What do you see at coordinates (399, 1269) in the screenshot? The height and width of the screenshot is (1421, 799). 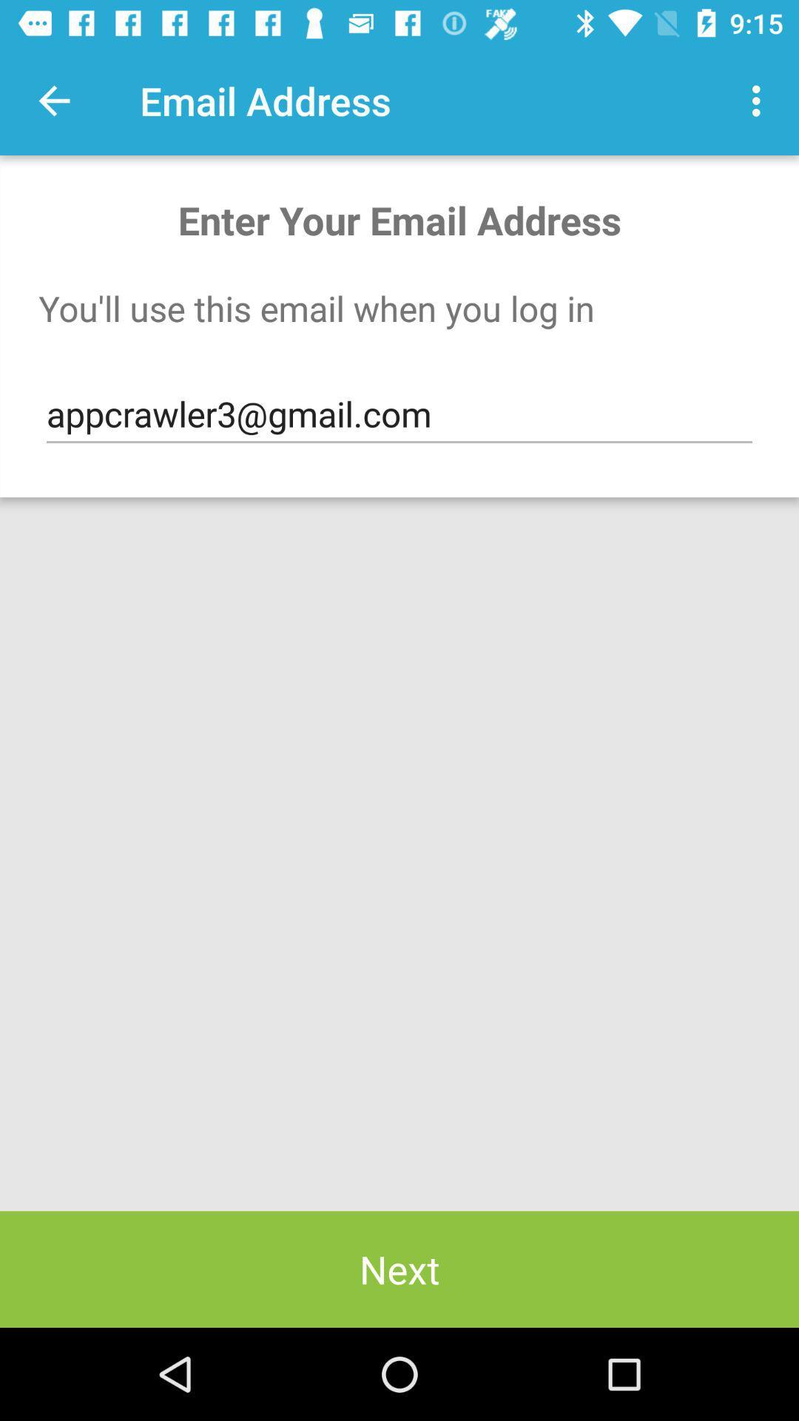 I see `next icon` at bounding box center [399, 1269].